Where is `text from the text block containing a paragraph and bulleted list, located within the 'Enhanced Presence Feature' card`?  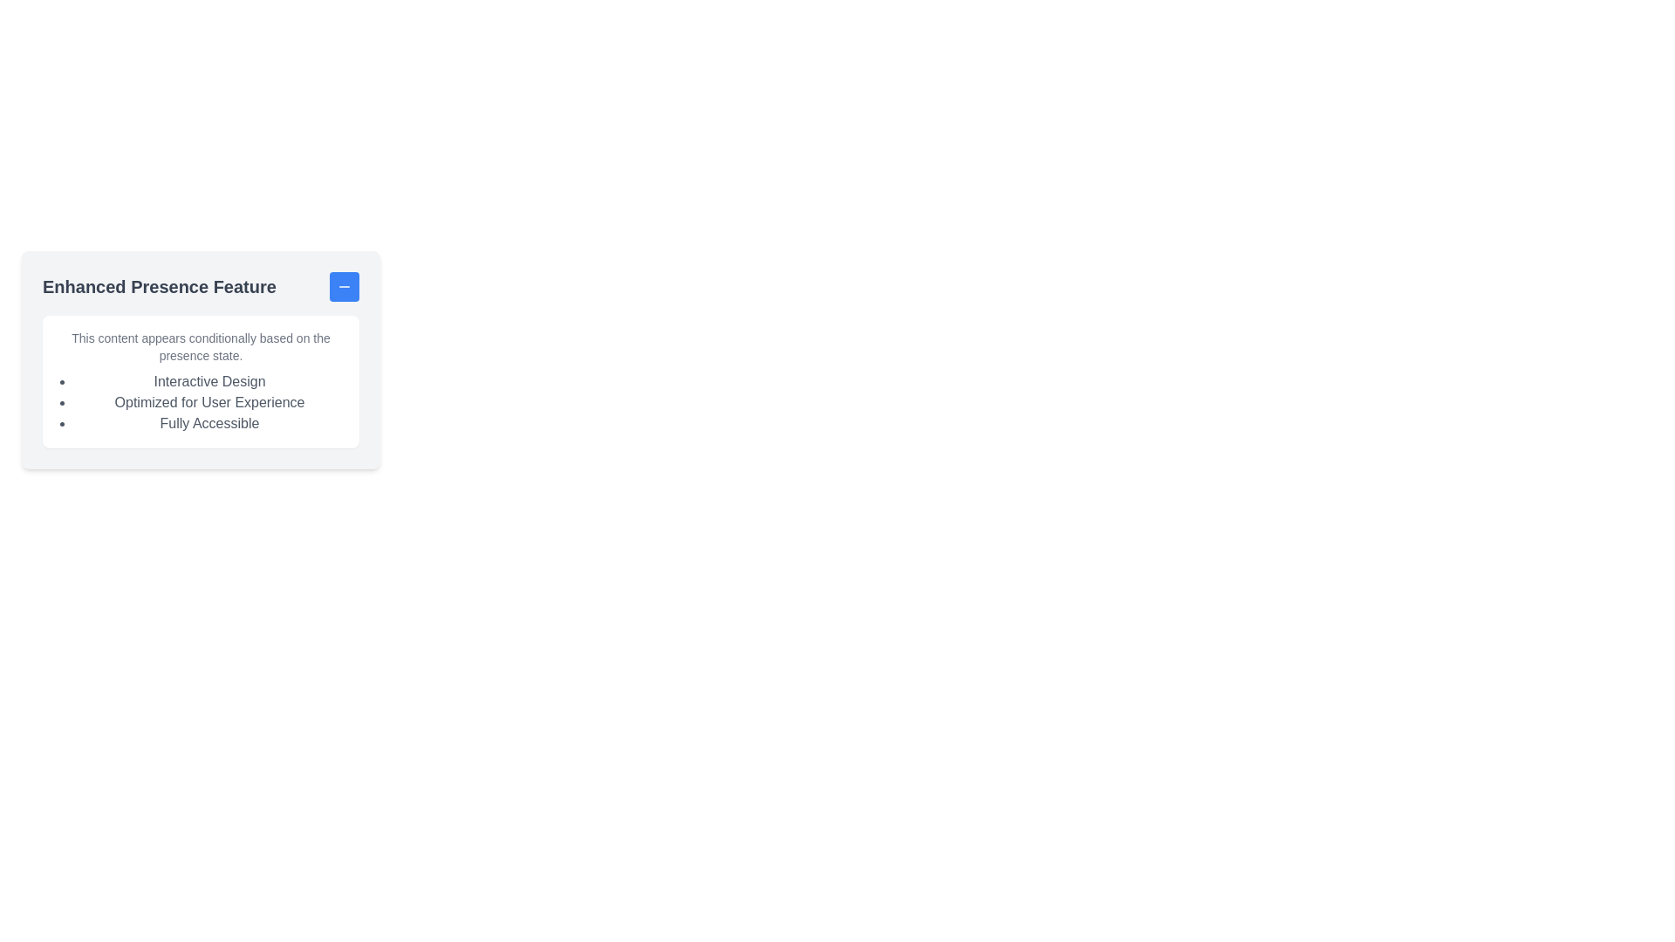
text from the text block containing a paragraph and bulleted list, located within the 'Enhanced Presence Feature' card is located at coordinates (201, 381).